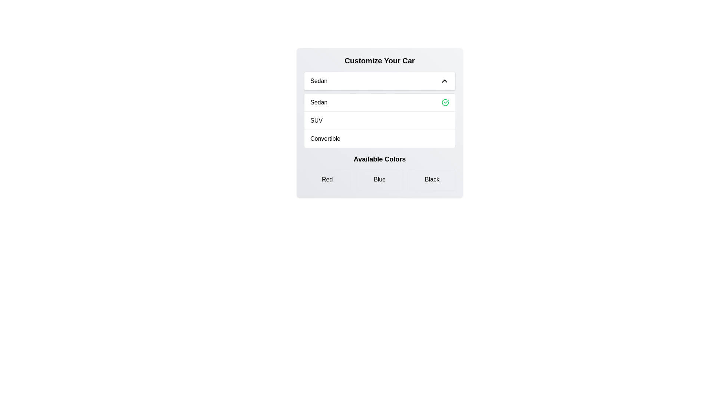 The width and height of the screenshot is (712, 400). What do you see at coordinates (379, 120) in the screenshot?
I see `the middle option 'SUV' in the car customization menu` at bounding box center [379, 120].